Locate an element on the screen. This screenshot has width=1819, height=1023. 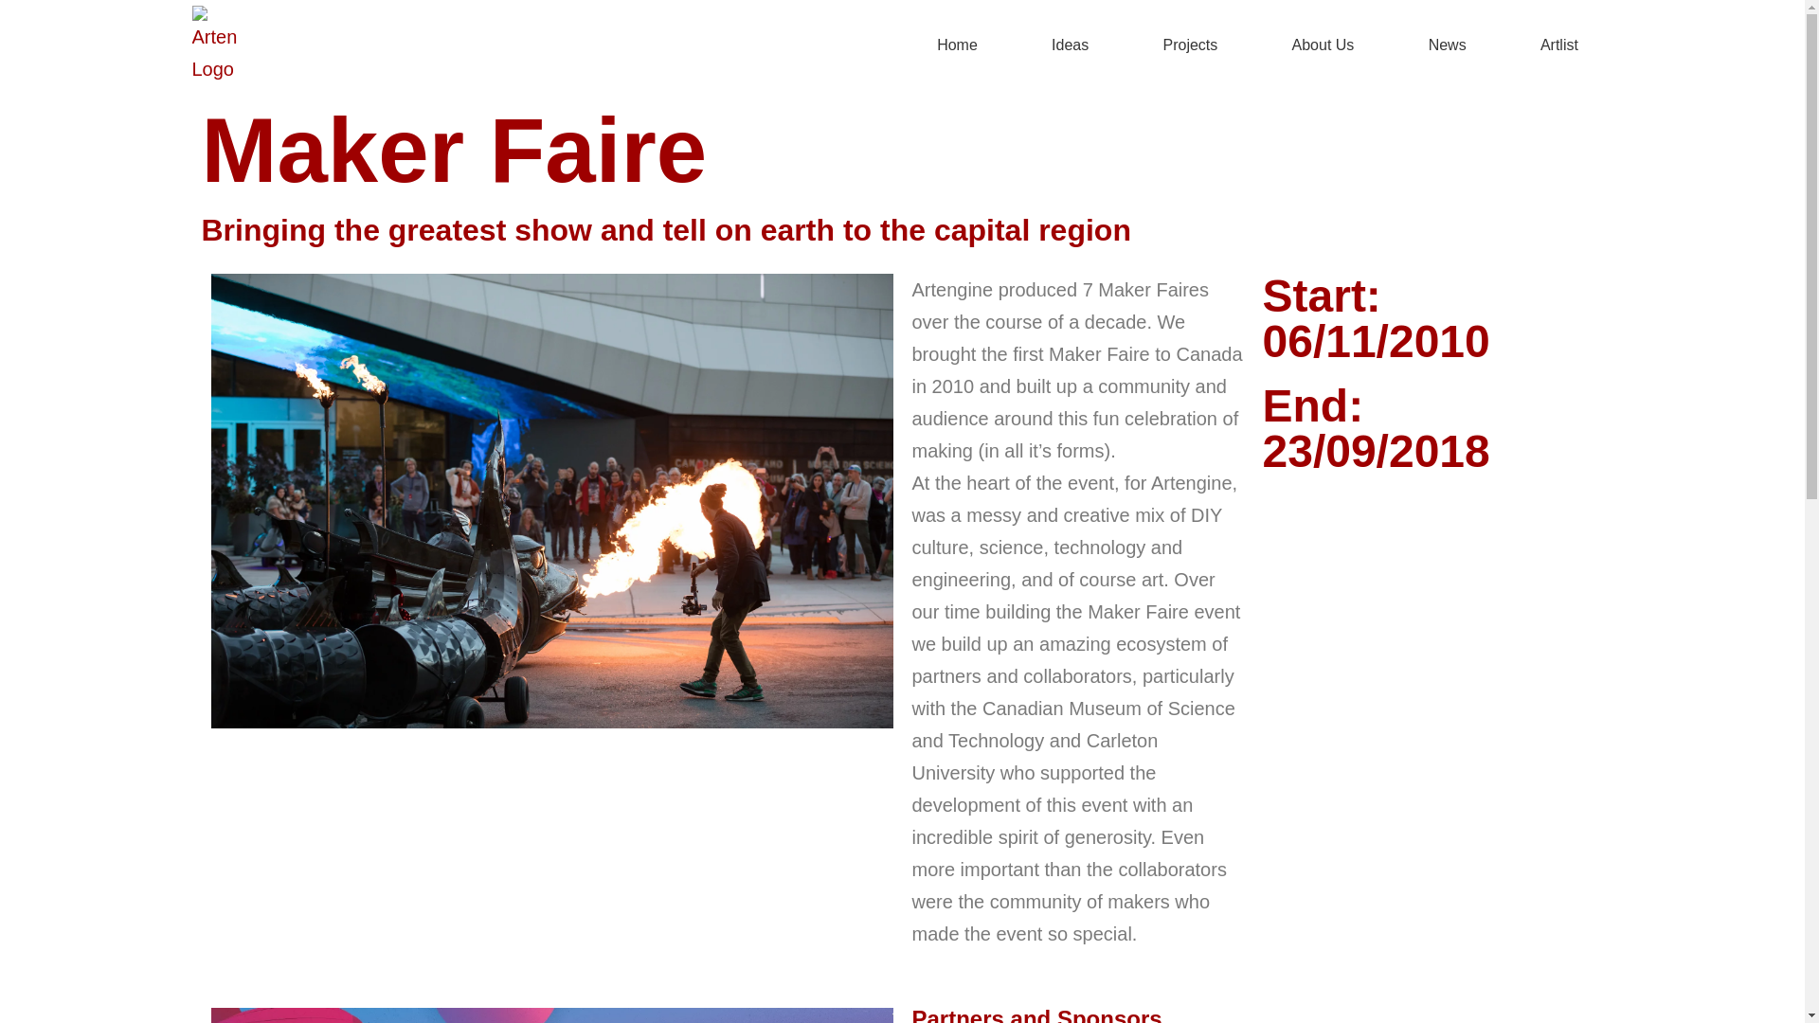
'About Us' is located at coordinates (1256, 44).